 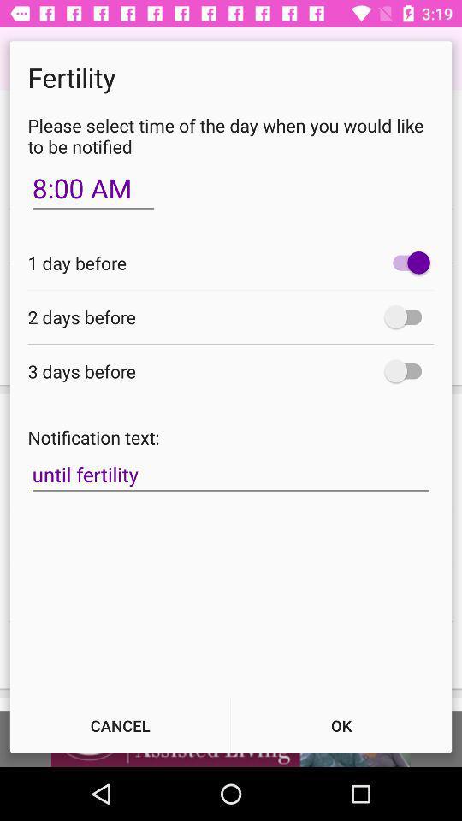 I want to click on 2 days before notification option, so click(x=406, y=316).